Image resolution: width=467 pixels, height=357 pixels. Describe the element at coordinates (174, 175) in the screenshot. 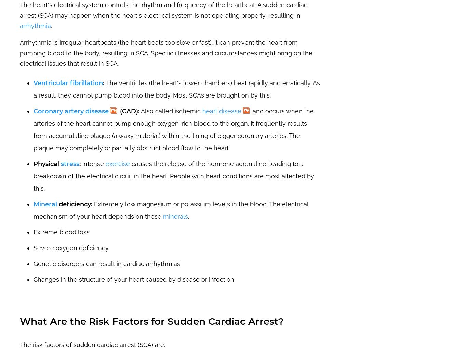

I see `'causes the release of the hormone adrenaline, leading to a breakdown of the electrical circuit in the heart. People with heart conditions are most affected by this.'` at that location.